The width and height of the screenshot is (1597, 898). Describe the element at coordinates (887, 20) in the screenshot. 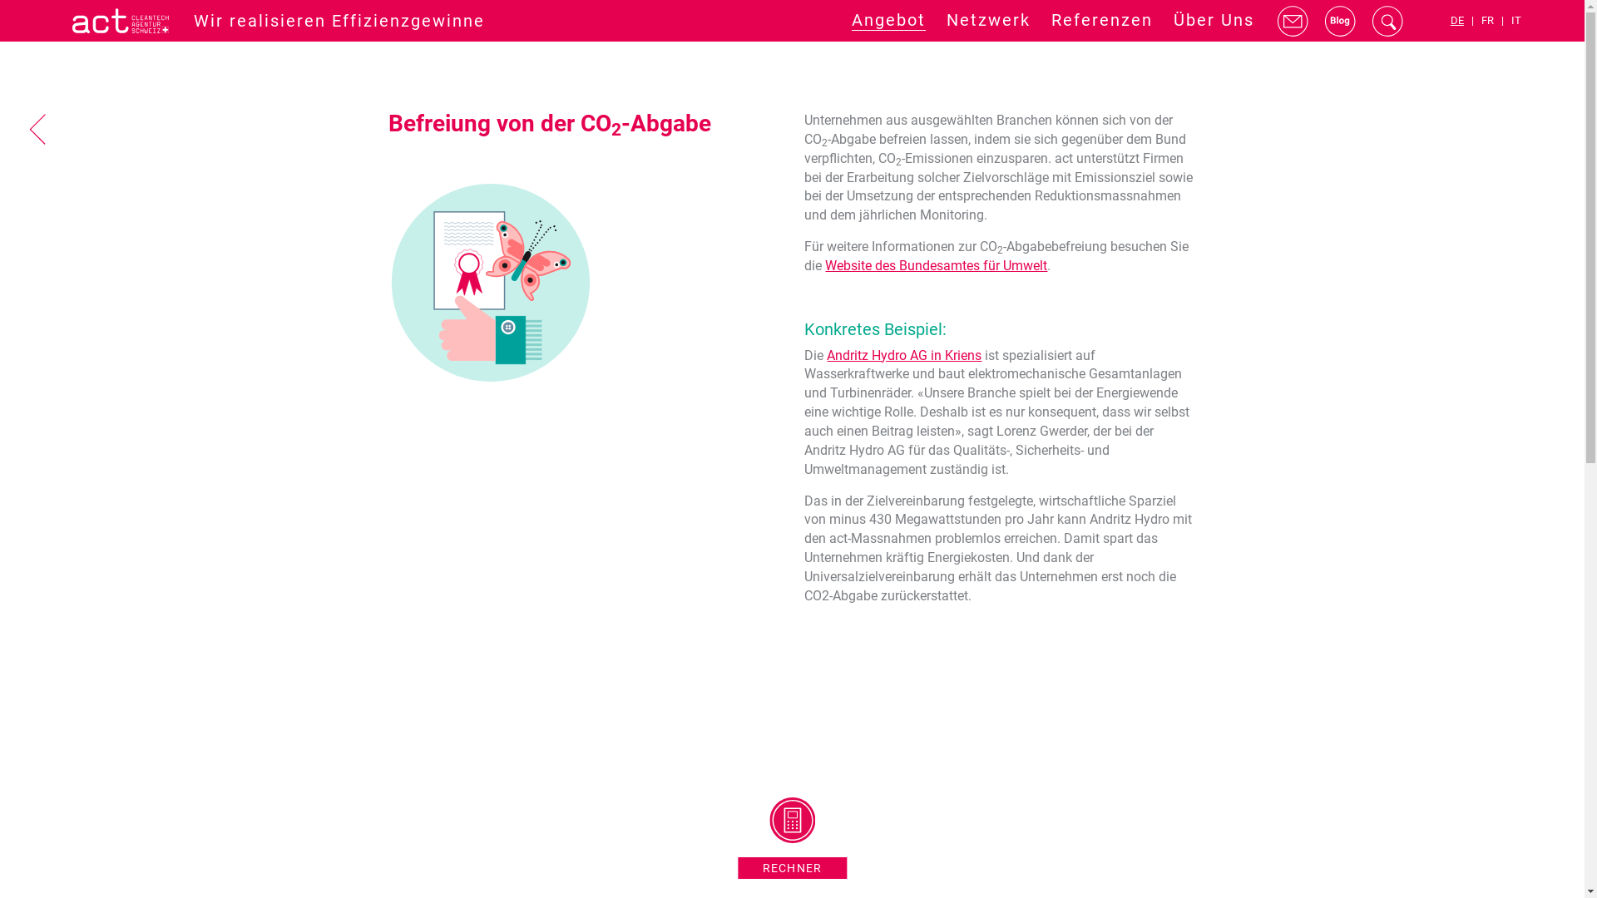

I see `'Angebot'` at that location.